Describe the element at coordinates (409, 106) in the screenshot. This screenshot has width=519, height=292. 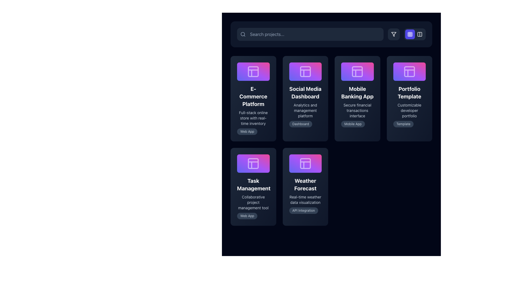
I see `the textual content element that provides information about a specific portfolio template, located on the rightmost side of the grid layout within a card component` at that location.